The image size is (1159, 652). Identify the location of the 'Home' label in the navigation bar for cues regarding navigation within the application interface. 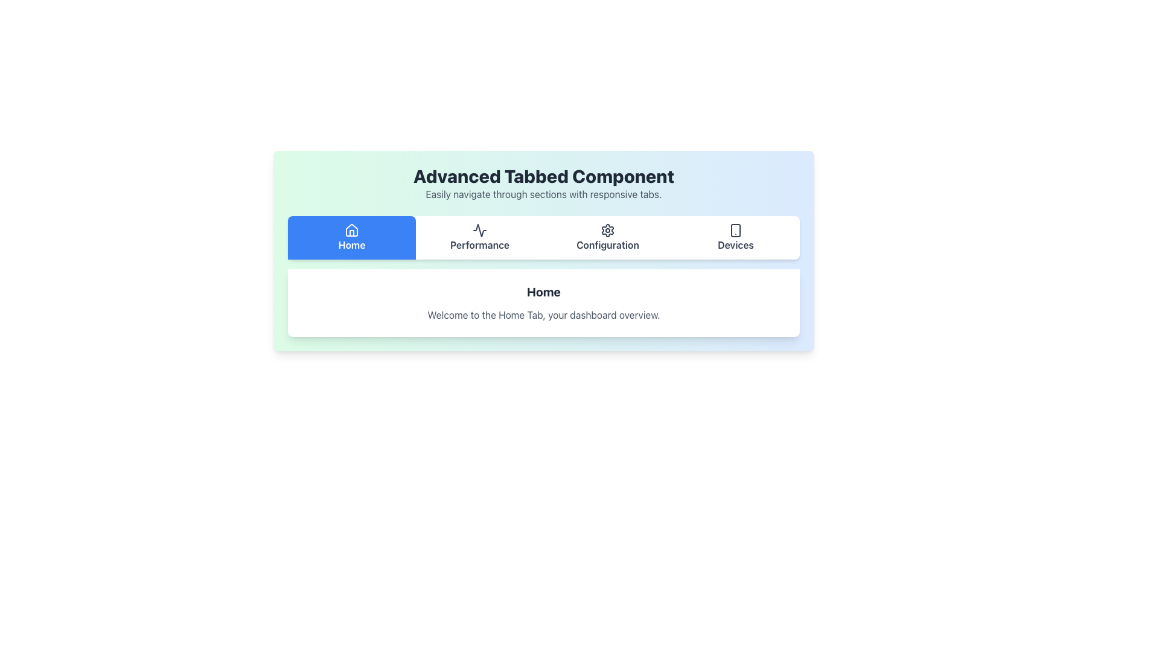
(351, 245).